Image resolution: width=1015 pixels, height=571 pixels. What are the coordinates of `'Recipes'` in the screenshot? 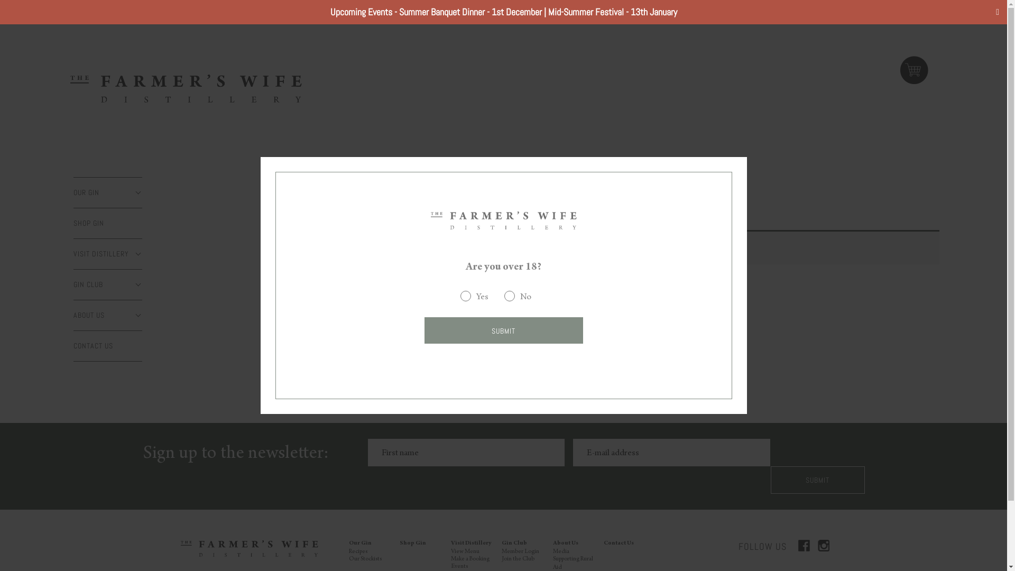 It's located at (358, 551).